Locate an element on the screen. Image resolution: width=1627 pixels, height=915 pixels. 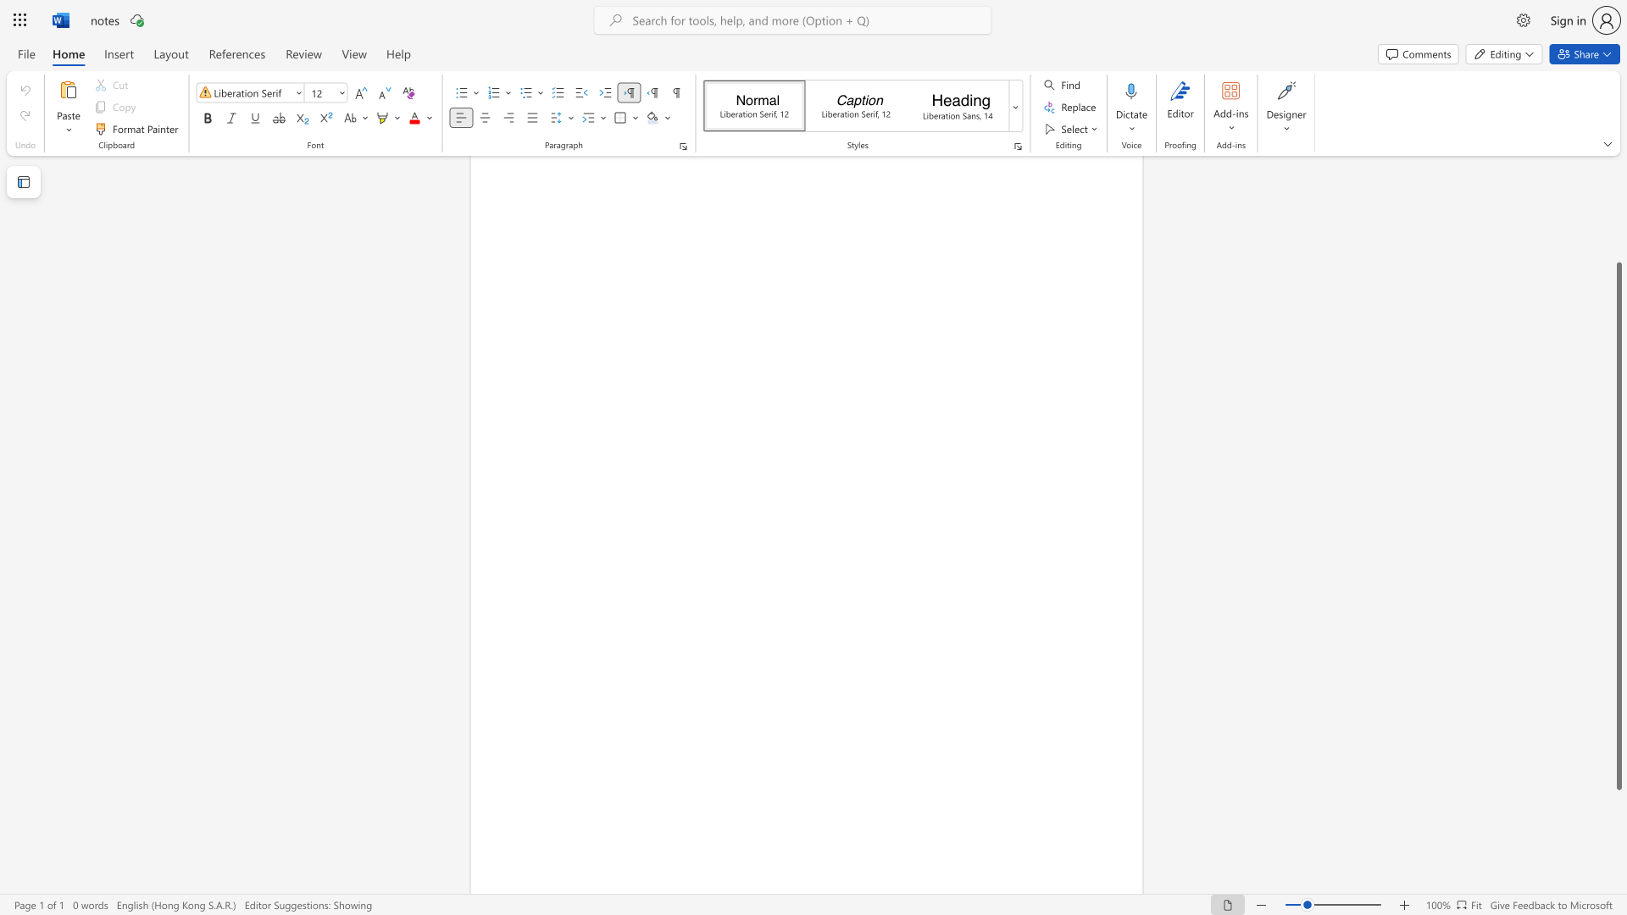
the scrollbar on the right is located at coordinates (1618, 245).